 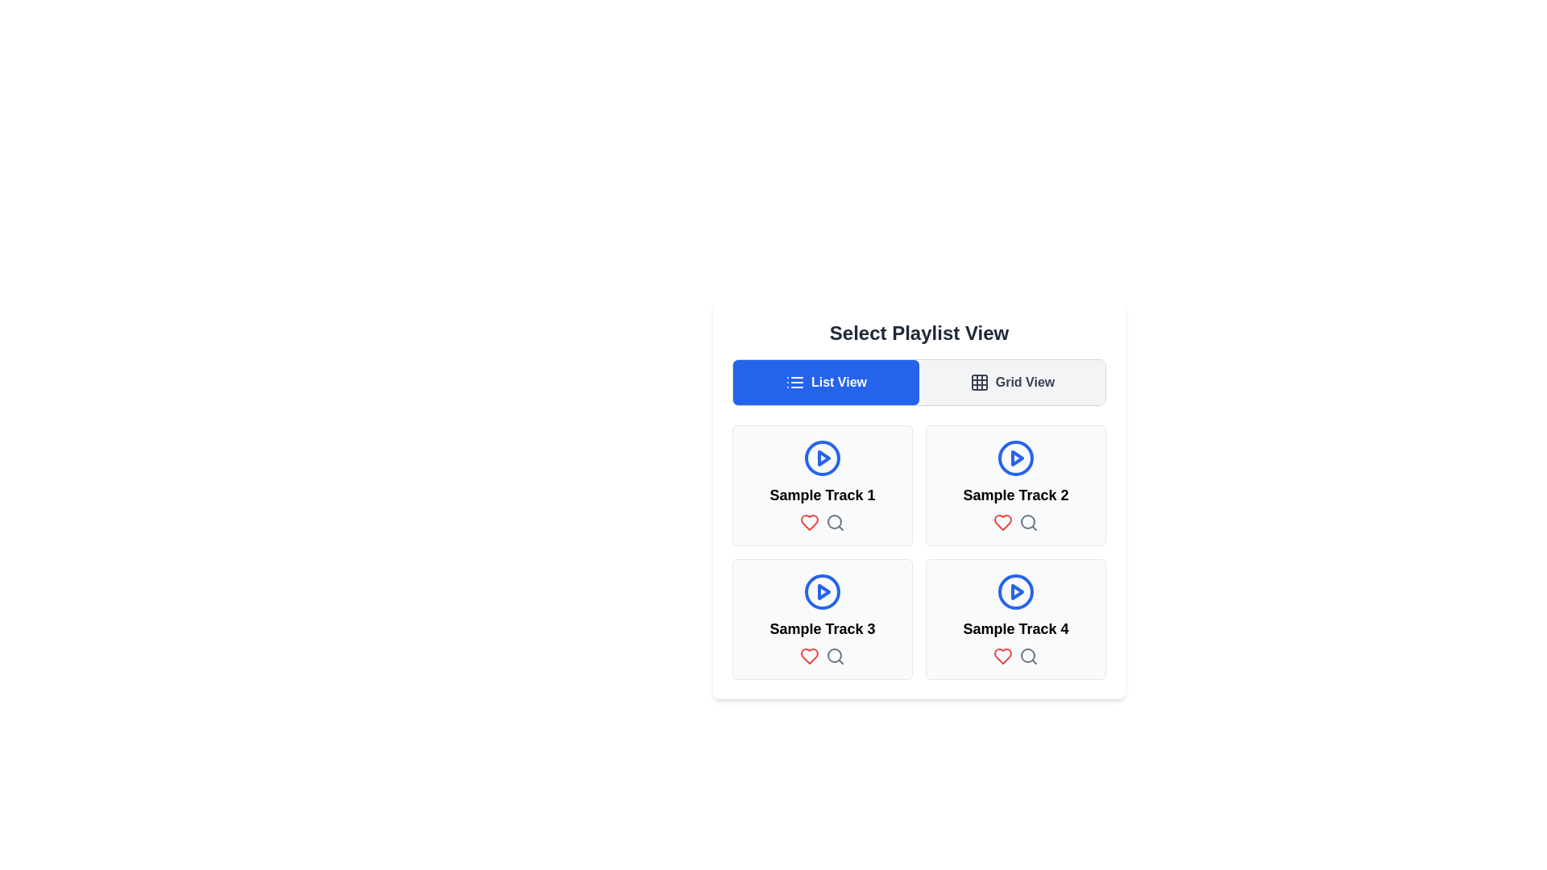 I want to click on the heart icon button located near the bottom-left of the fourth box in the grid of tracks, under the text 'Sample Track 4', to mark it as a favorite, so click(x=1002, y=656).